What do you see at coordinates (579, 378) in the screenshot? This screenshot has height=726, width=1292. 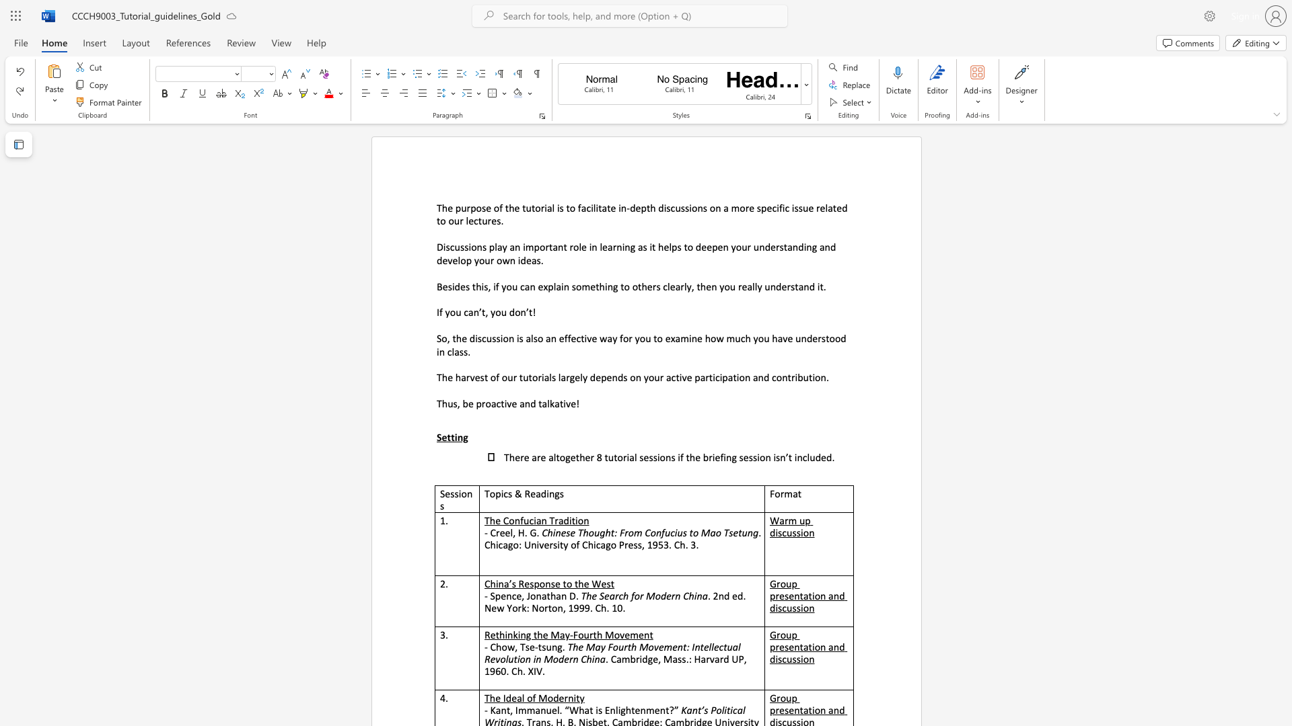 I see `the space between the continuous character "e" and "l" in the text` at bounding box center [579, 378].